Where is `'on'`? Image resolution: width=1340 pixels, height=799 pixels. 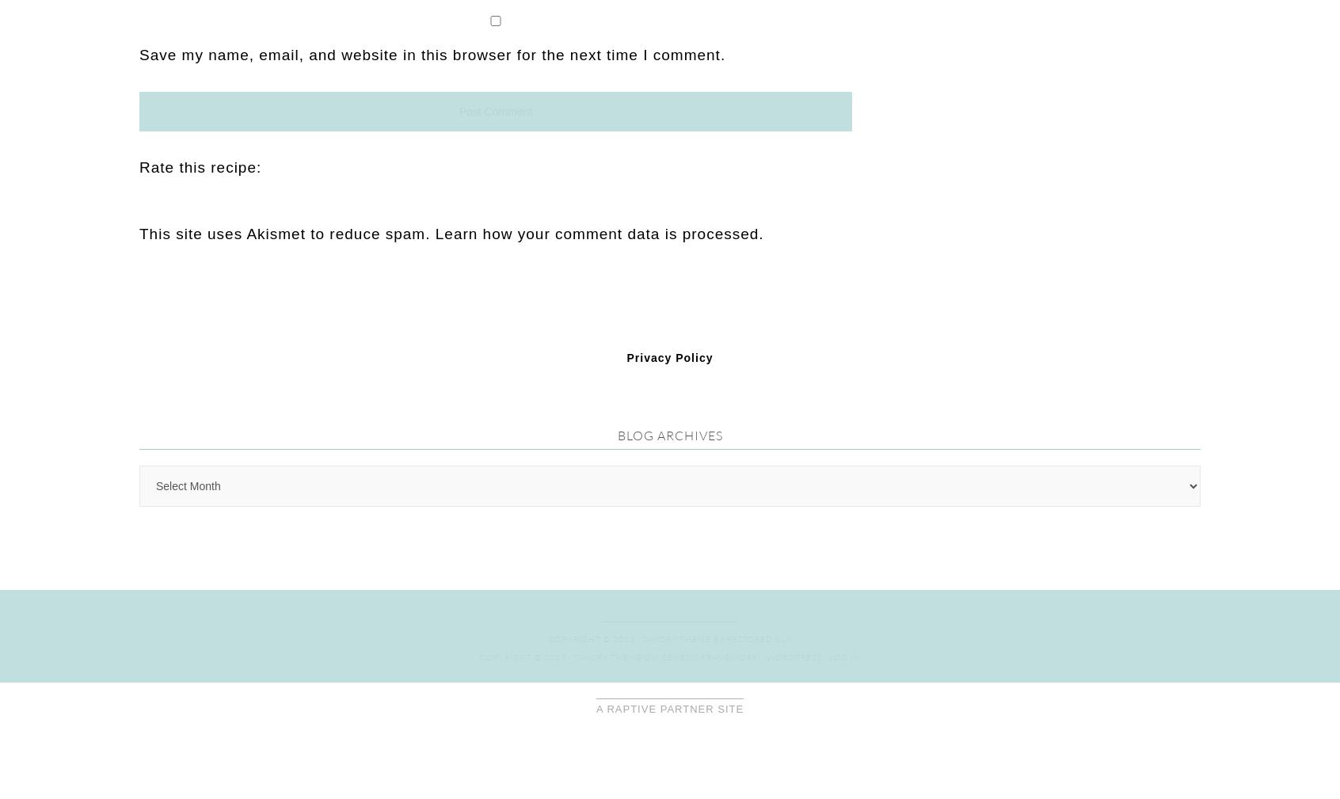 'on' is located at coordinates (651, 302).